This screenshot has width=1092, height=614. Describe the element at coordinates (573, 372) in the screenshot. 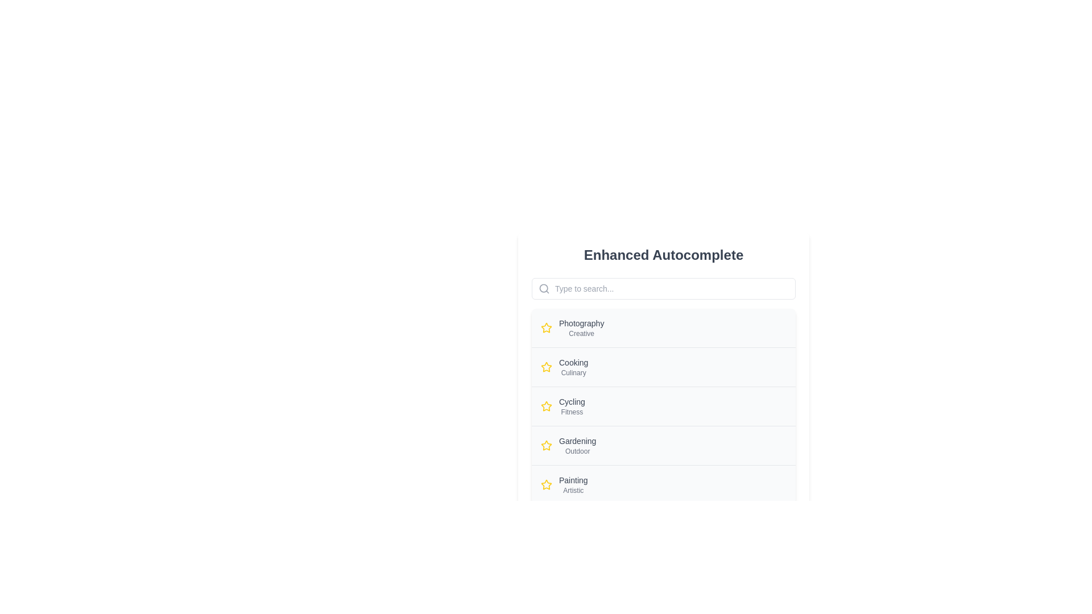

I see `the static text label displaying 'Culinary', which provides supplementary information below the 'Cooking' label in the second list item` at that location.